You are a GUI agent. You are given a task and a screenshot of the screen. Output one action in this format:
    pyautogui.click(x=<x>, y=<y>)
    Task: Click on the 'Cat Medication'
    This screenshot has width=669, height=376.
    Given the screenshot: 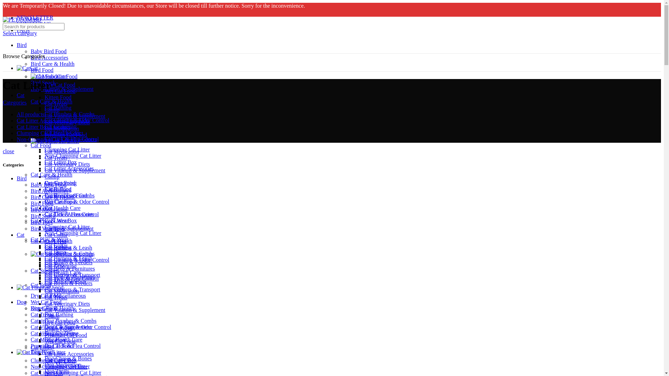 What is the action you would take?
    pyautogui.click(x=62, y=151)
    